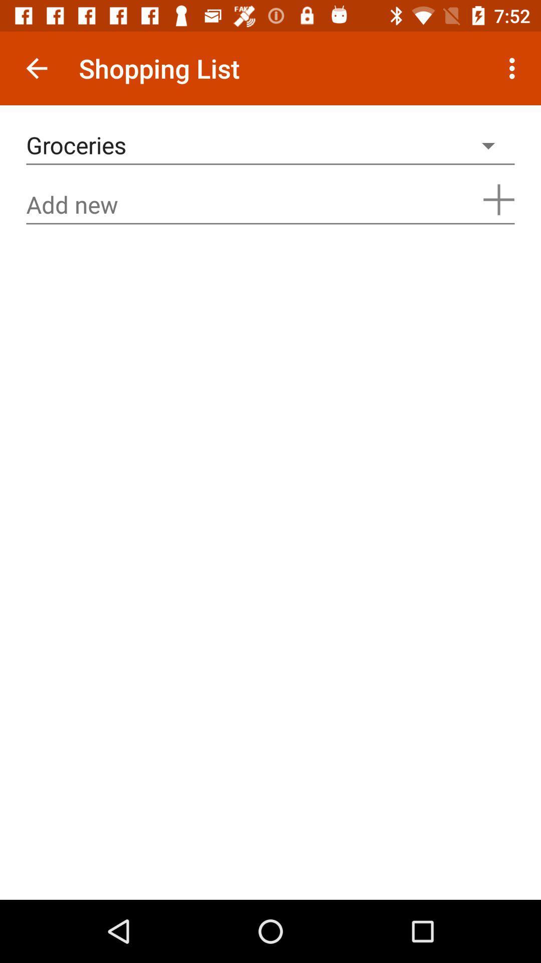  I want to click on new, so click(270, 204).